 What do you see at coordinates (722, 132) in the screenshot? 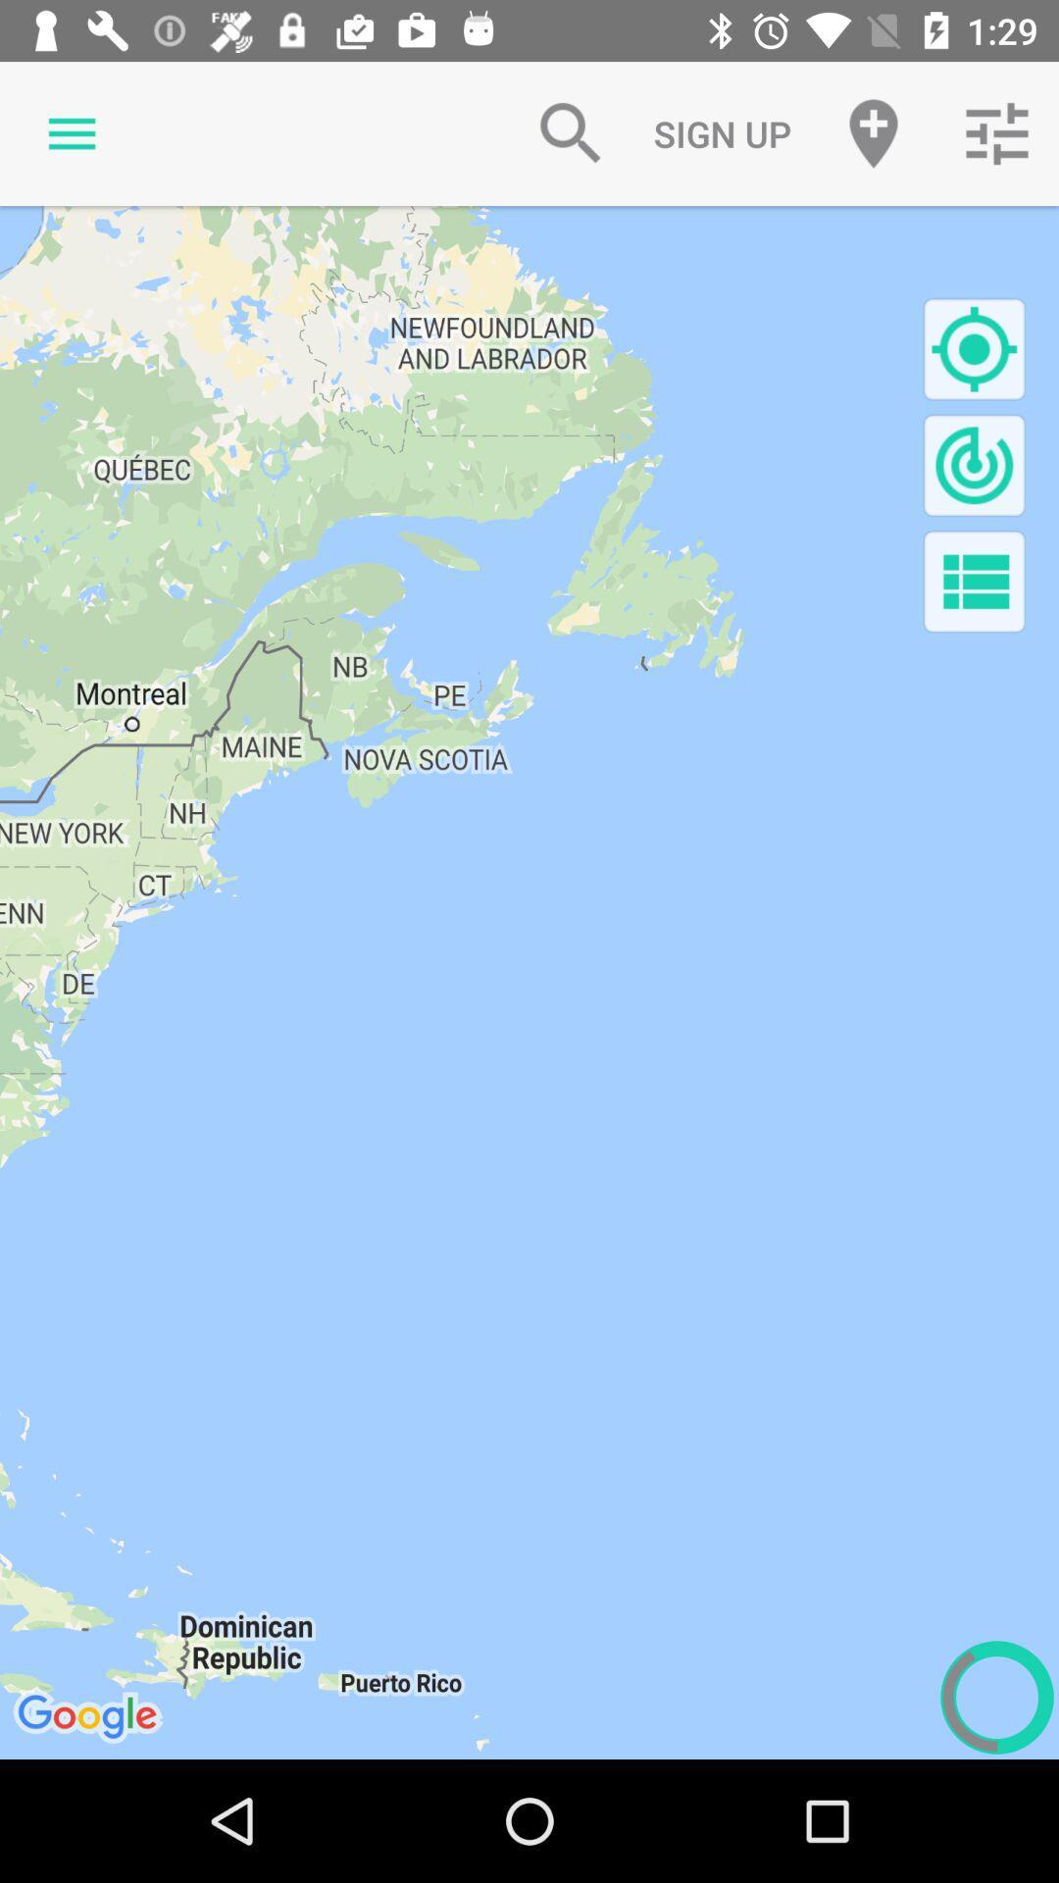
I see `the sign up` at bounding box center [722, 132].